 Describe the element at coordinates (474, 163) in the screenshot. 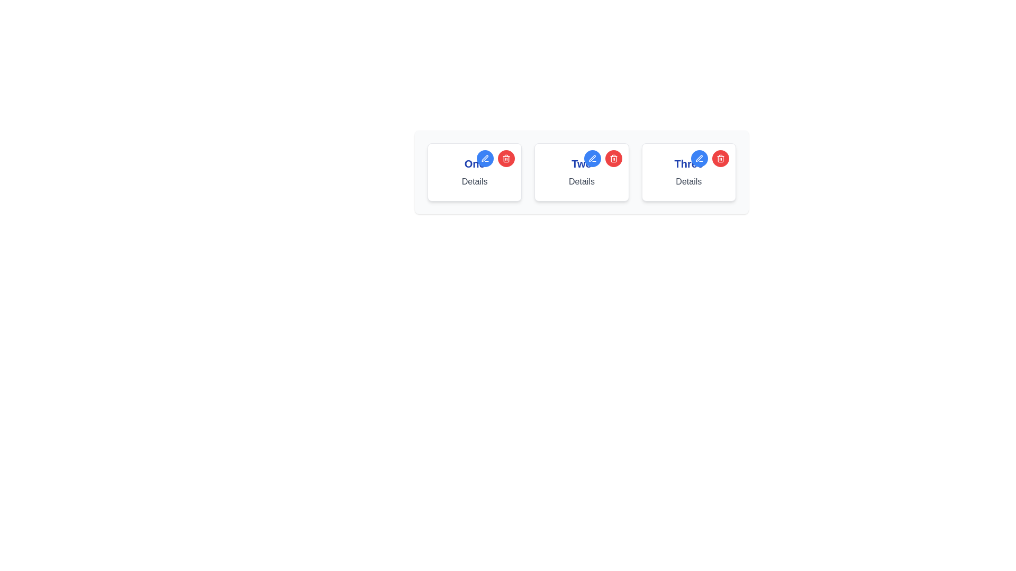

I see `the primary text label 'One' at the top of the first card in the series, which is located above the 'Details' text and has action buttons on its right side` at that location.